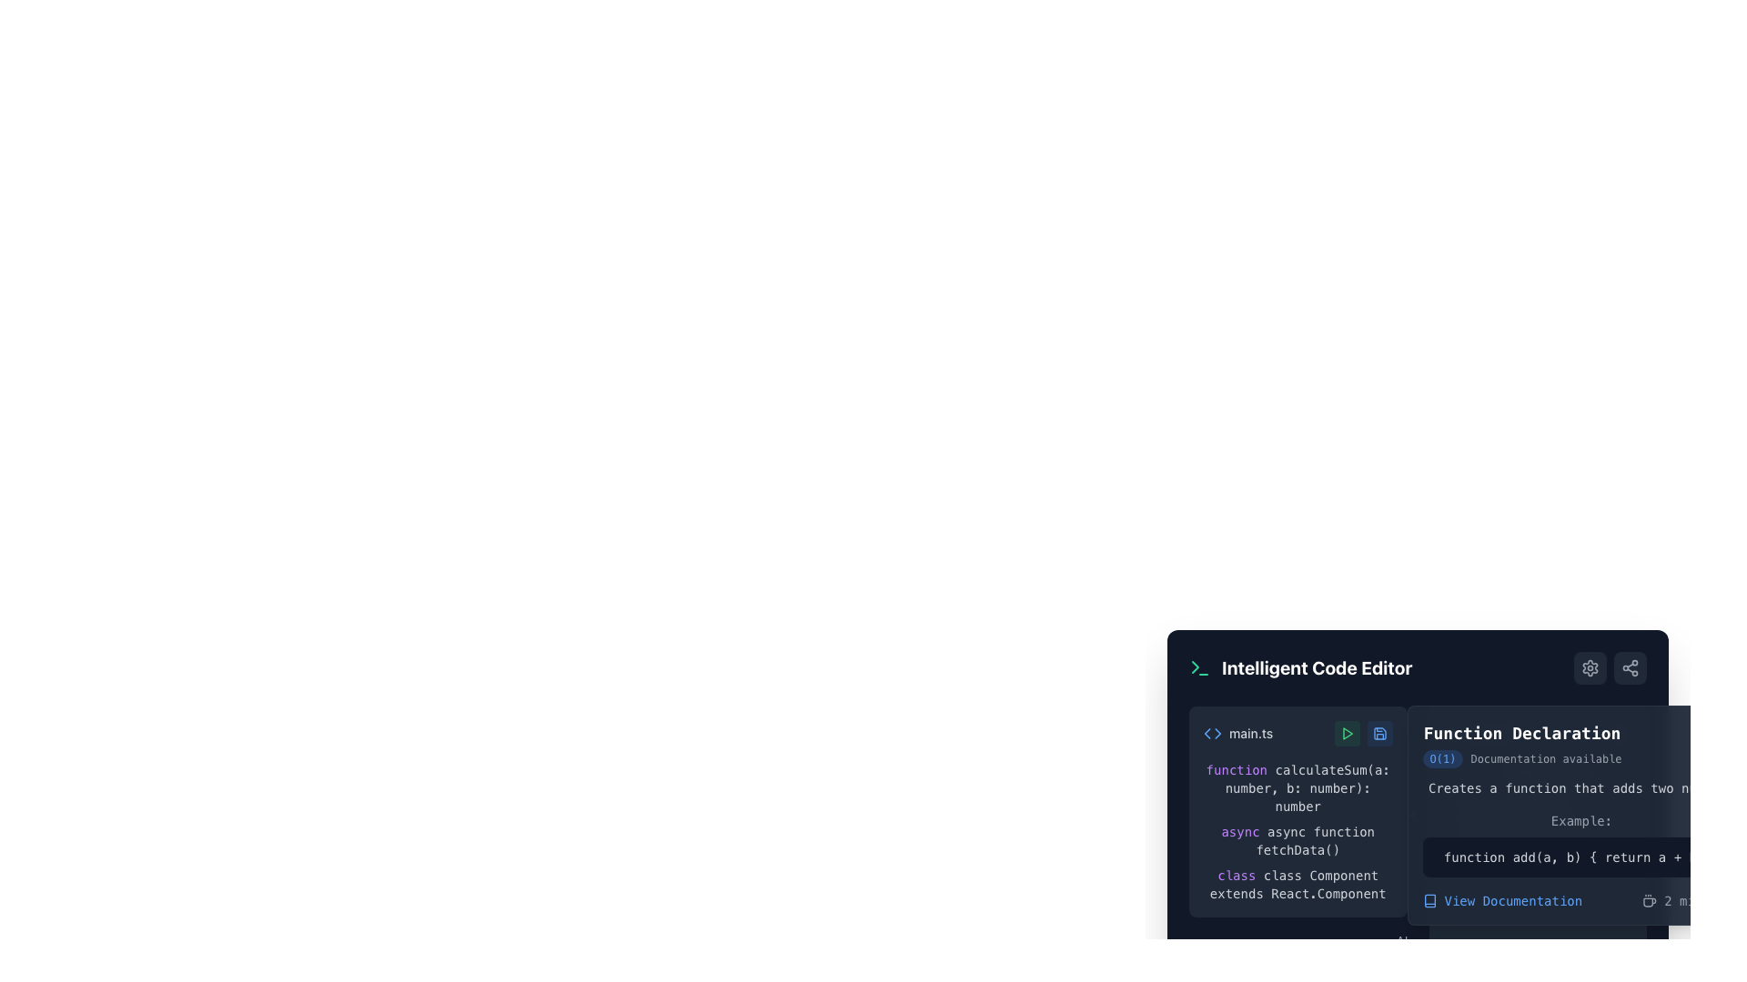 The image size is (1747, 982). What do you see at coordinates (1489, 732) in the screenshot?
I see `the Static Text labeled 'Output', styled with 'text-sm font-medium text-gray-300', located at the bottom-right section of the interface` at bounding box center [1489, 732].